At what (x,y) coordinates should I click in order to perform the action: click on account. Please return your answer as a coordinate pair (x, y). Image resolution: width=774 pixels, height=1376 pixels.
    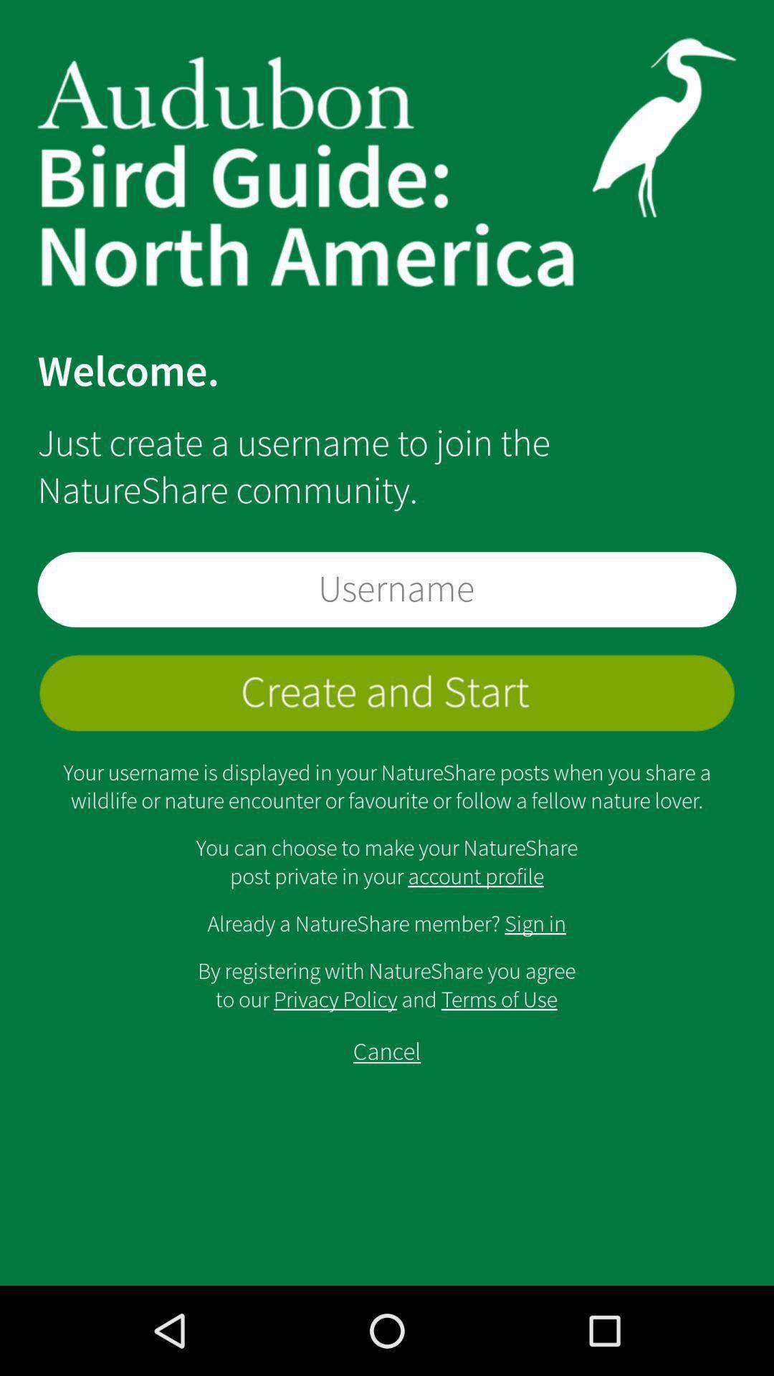
    Looking at the image, I should click on (387, 693).